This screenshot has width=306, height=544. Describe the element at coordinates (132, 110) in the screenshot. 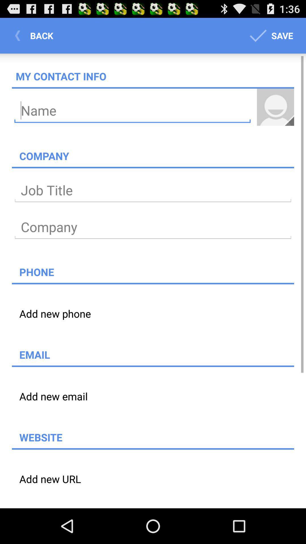

I see `name` at that location.